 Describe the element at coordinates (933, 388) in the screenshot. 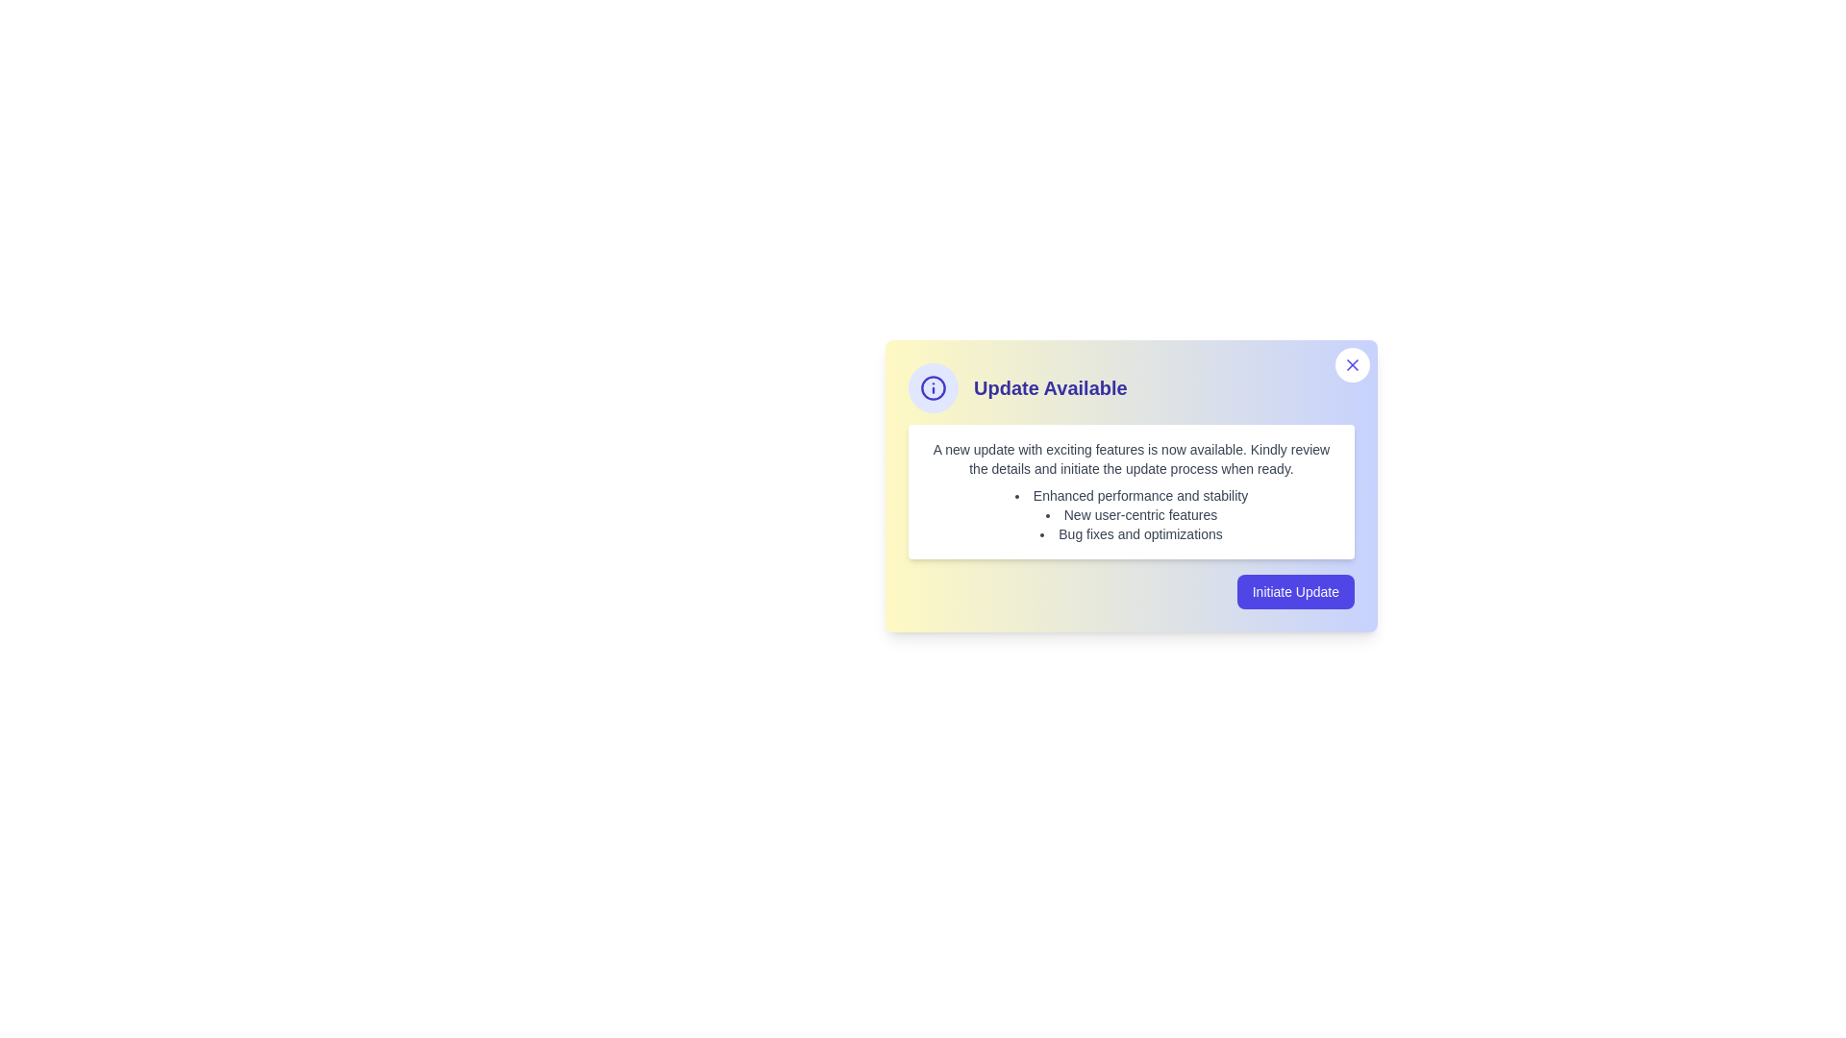

I see `the informational icon to inspect it visually` at that location.